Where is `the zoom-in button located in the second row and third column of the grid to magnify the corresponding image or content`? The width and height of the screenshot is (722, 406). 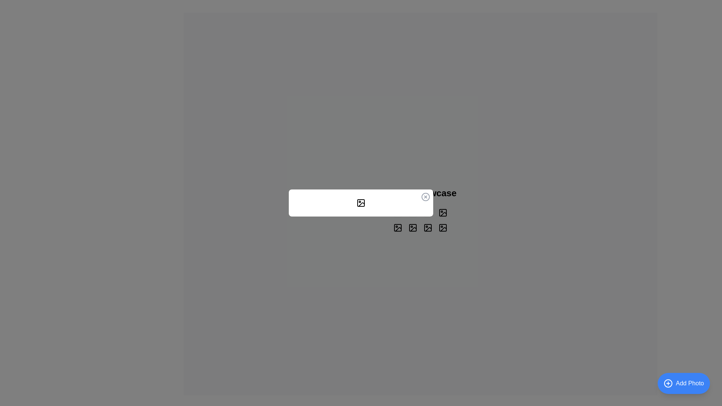
the zoom-in button located in the second row and third column of the grid to magnify the corresponding image or content is located at coordinates (428, 227).